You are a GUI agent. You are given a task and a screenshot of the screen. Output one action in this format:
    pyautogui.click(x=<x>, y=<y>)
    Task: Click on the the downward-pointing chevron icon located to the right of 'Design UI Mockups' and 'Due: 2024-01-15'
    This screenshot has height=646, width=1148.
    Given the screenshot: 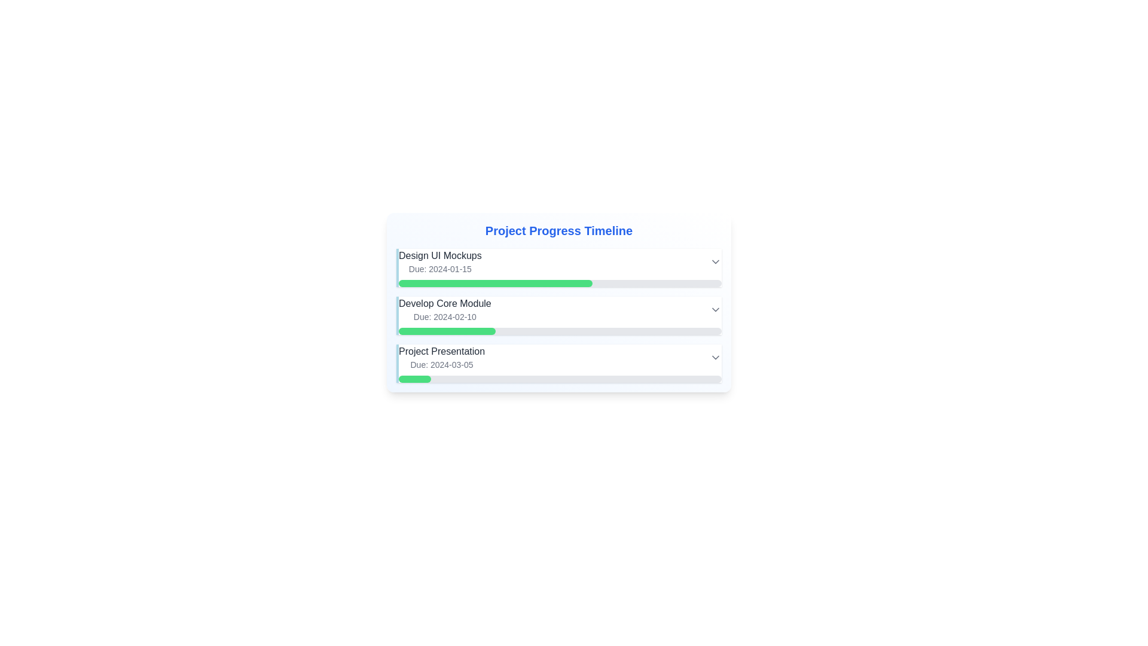 What is the action you would take?
    pyautogui.click(x=715, y=261)
    